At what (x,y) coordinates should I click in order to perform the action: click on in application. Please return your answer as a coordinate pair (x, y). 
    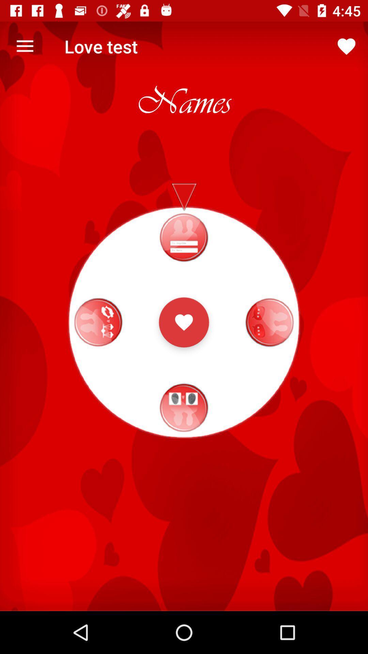
    Looking at the image, I should click on (184, 322).